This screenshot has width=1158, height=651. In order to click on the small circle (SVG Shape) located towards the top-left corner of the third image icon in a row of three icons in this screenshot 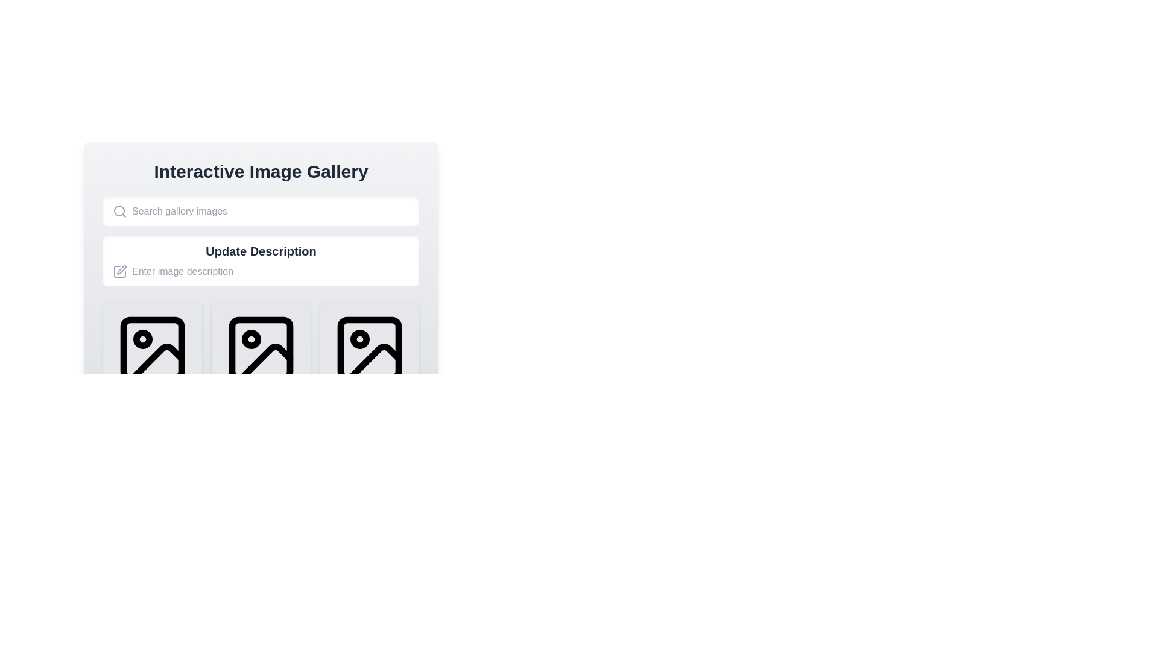, I will do `click(359, 339)`.